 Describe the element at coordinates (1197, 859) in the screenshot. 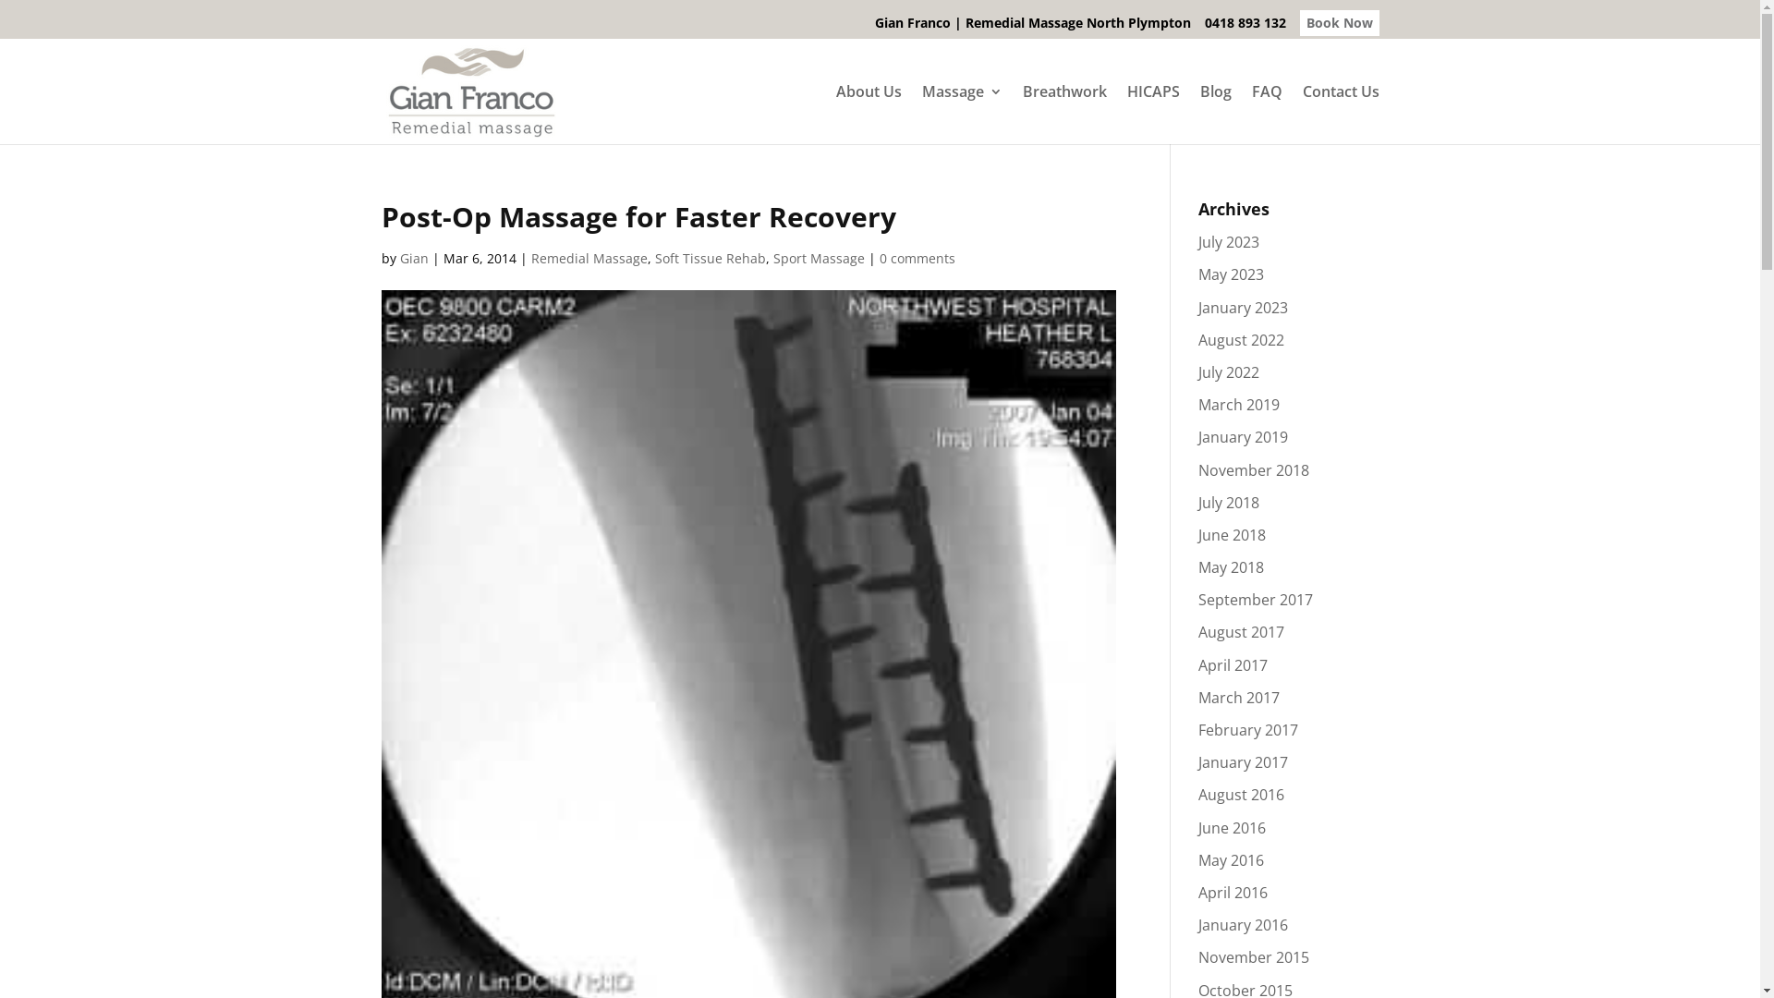

I see `'May 2016'` at that location.